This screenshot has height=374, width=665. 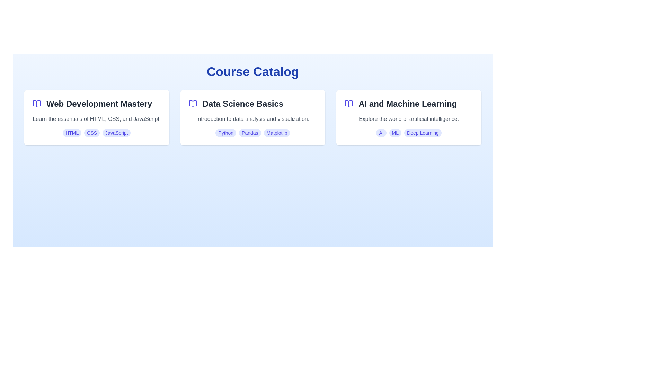 I want to click on the pill-shaped label displaying the text 'Matplotlib' in bold indigo font, located in the 'Data Science Basics' section as the third option in a horizontal list, so click(x=276, y=133).